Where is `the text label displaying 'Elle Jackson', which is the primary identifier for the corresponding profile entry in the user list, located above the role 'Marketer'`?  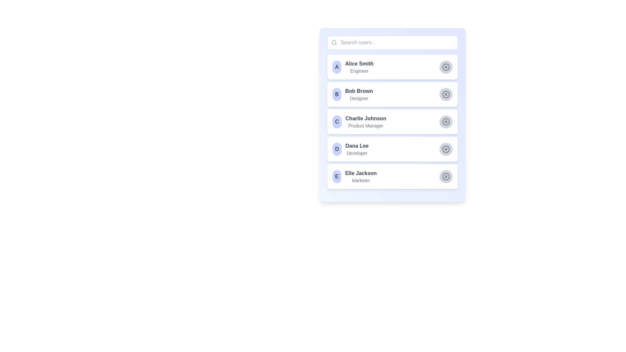
the text label displaying 'Elle Jackson', which is the primary identifier for the corresponding profile entry in the user list, located above the role 'Marketer' is located at coordinates (361, 173).